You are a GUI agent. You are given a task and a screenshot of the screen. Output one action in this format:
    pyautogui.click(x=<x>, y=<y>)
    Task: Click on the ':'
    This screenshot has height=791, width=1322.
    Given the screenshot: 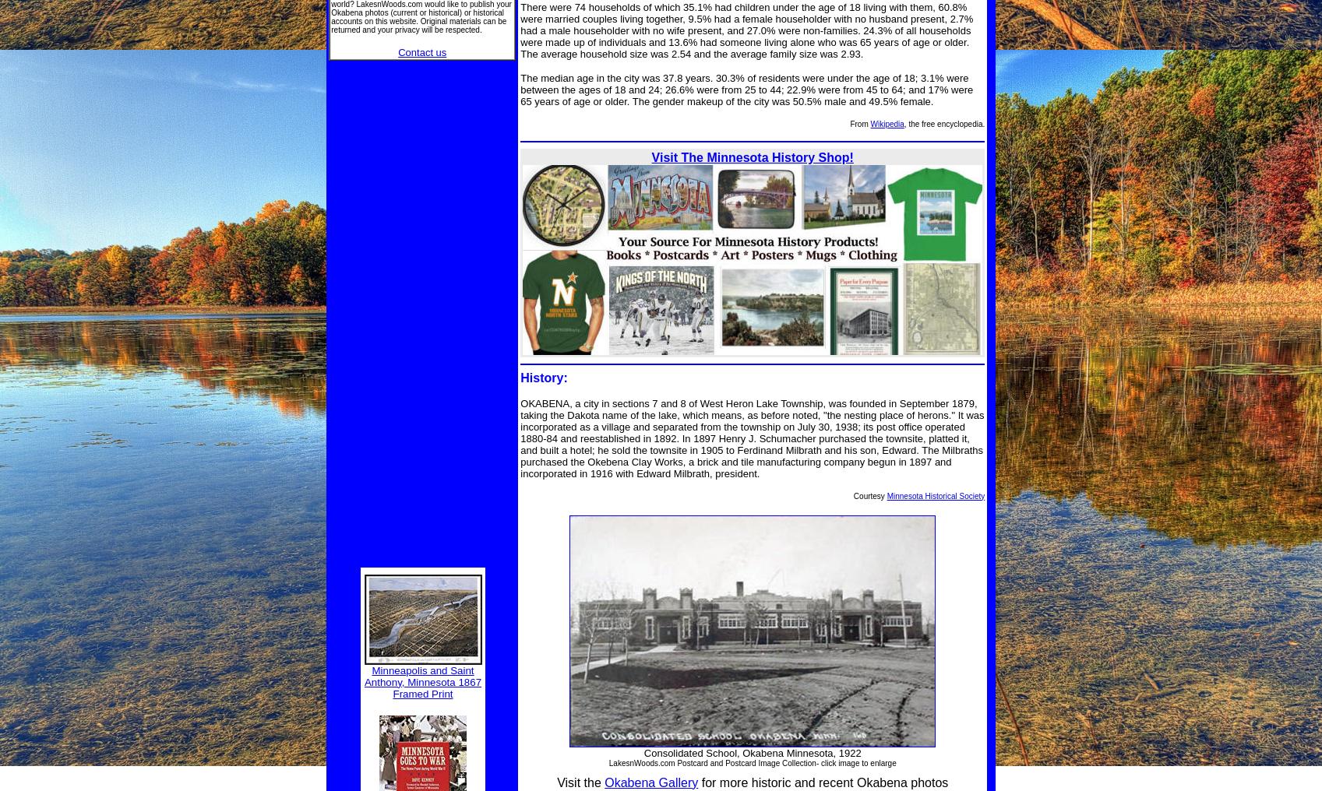 What is the action you would take?
    pyautogui.click(x=564, y=377)
    